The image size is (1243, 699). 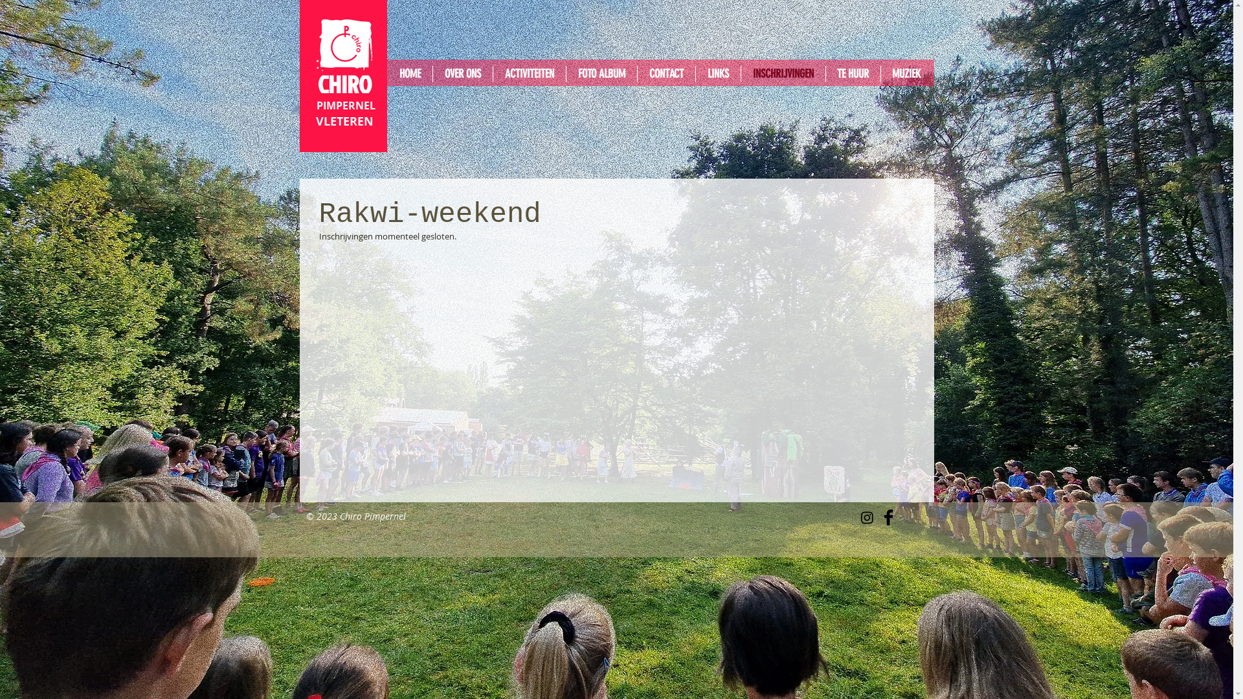 What do you see at coordinates (853, 74) in the screenshot?
I see `'TE HUUR'` at bounding box center [853, 74].